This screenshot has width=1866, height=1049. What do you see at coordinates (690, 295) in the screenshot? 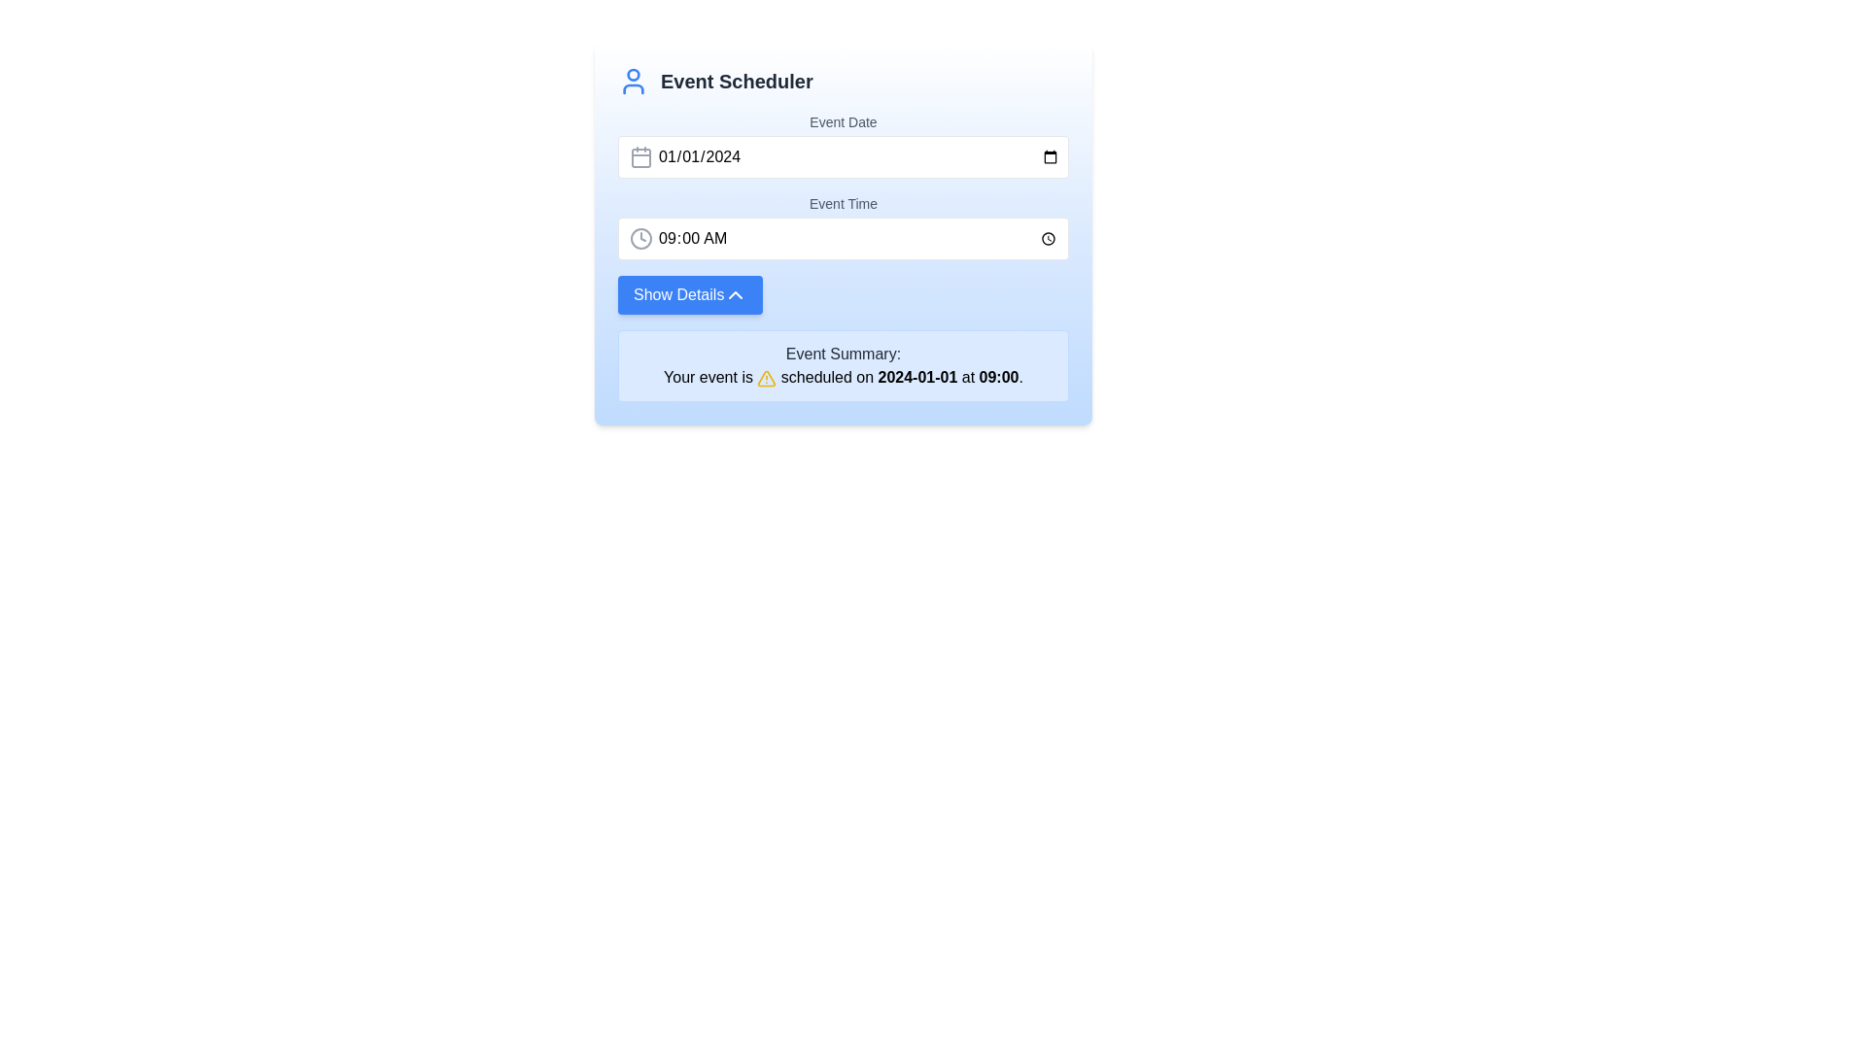
I see `the button in the 'Event Scheduler' section` at bounding box center [690, 295].